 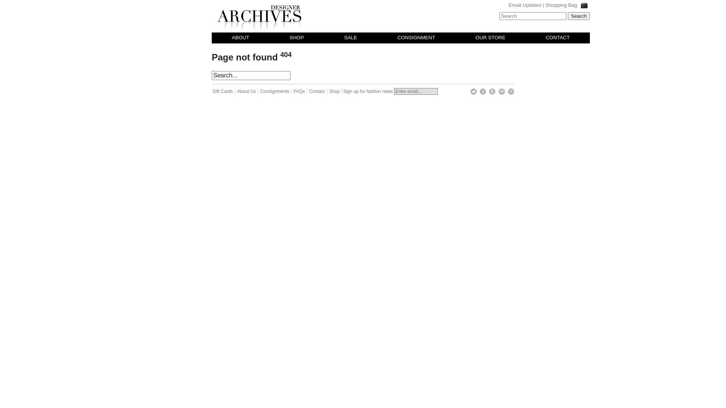 What do you see at coordinates (546, 5) in the screenshot?
I see `'Shopping Bag'` at bounding box center [546, 5].